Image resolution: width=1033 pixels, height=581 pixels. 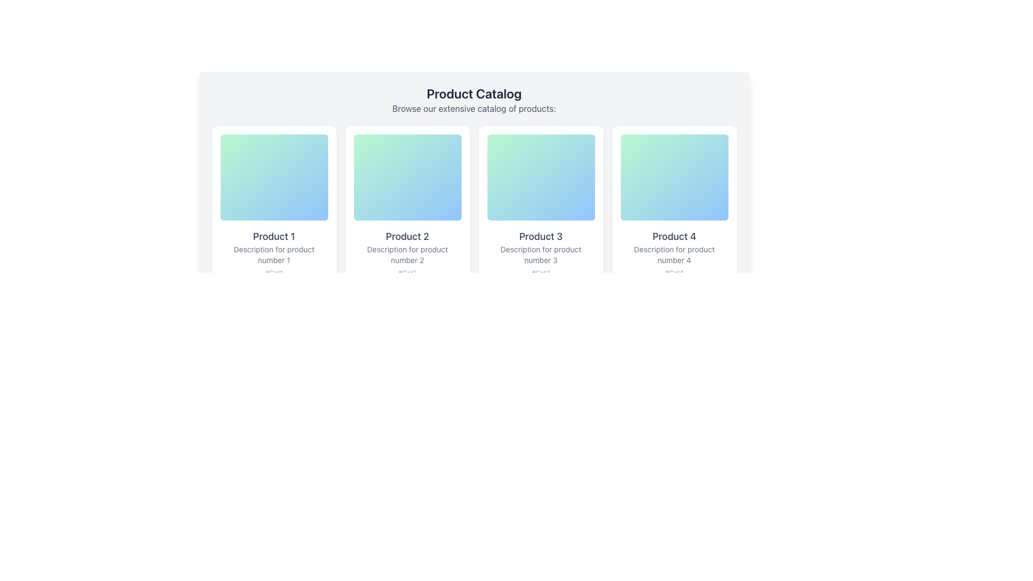 What do you see at coordinates (274, 207) in the screenshot?
I see `the first product card in the catalog` at bounding box center [274, 207].